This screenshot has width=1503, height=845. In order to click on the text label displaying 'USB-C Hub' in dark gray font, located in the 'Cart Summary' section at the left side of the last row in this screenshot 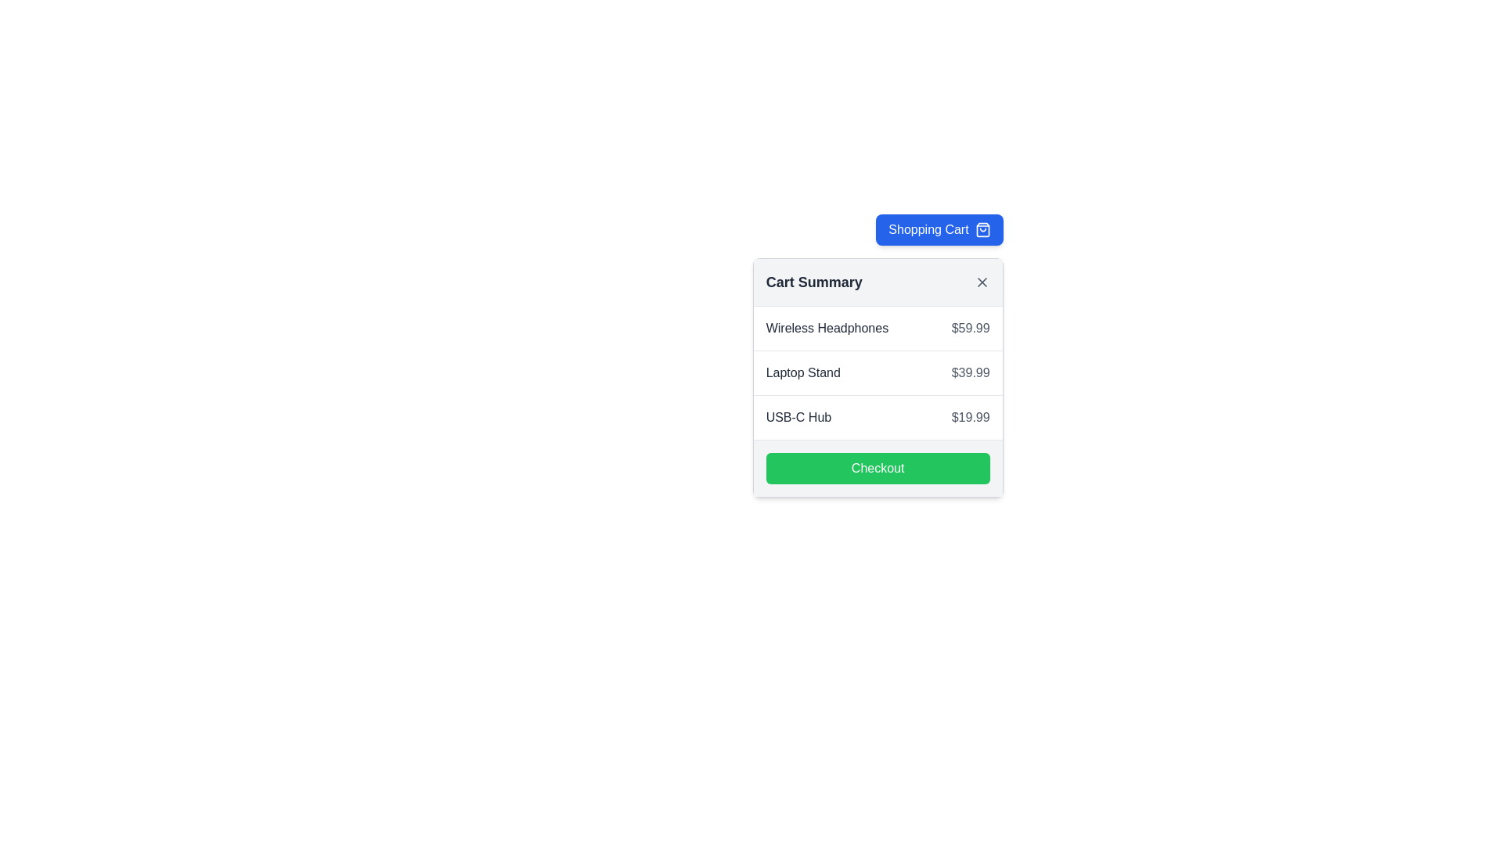, I will do `click(798, 416)`.